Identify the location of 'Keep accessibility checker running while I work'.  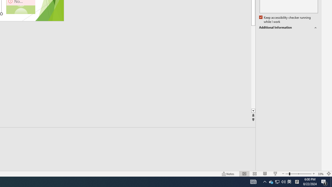
(285, 19).